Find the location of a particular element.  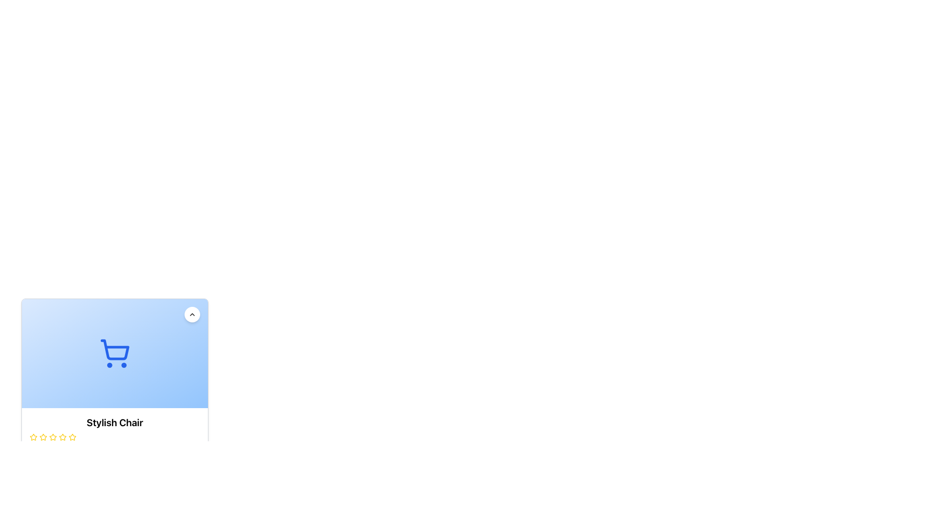

the sixth yellow star icon used for rating under the 'Stylish Chair' is located at coordinates (62, 437).